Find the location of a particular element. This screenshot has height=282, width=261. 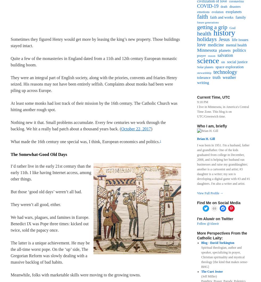

'Spiritual theologian, author and speaker, specializing in prayer, Christian spirituality and mystical theology [the kind that makes sense-BHG]' is located at coordinates (224, 257).